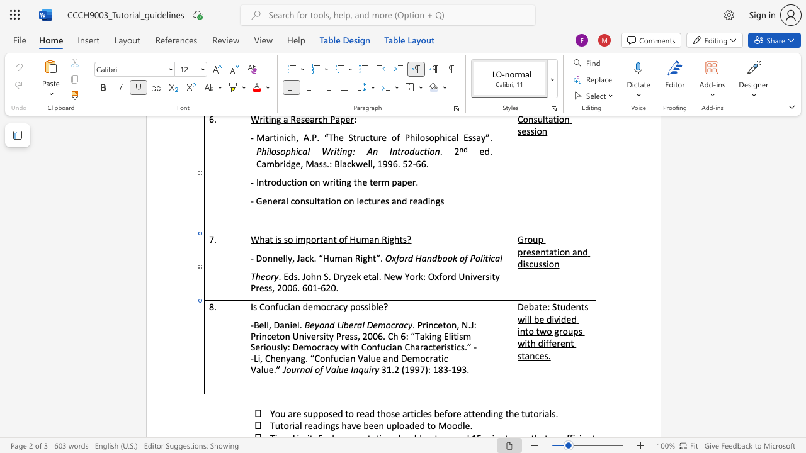  Describe the element at coordinates (321, 239) in the screenshot. I see `the 2th character "t" in the text` at that location.